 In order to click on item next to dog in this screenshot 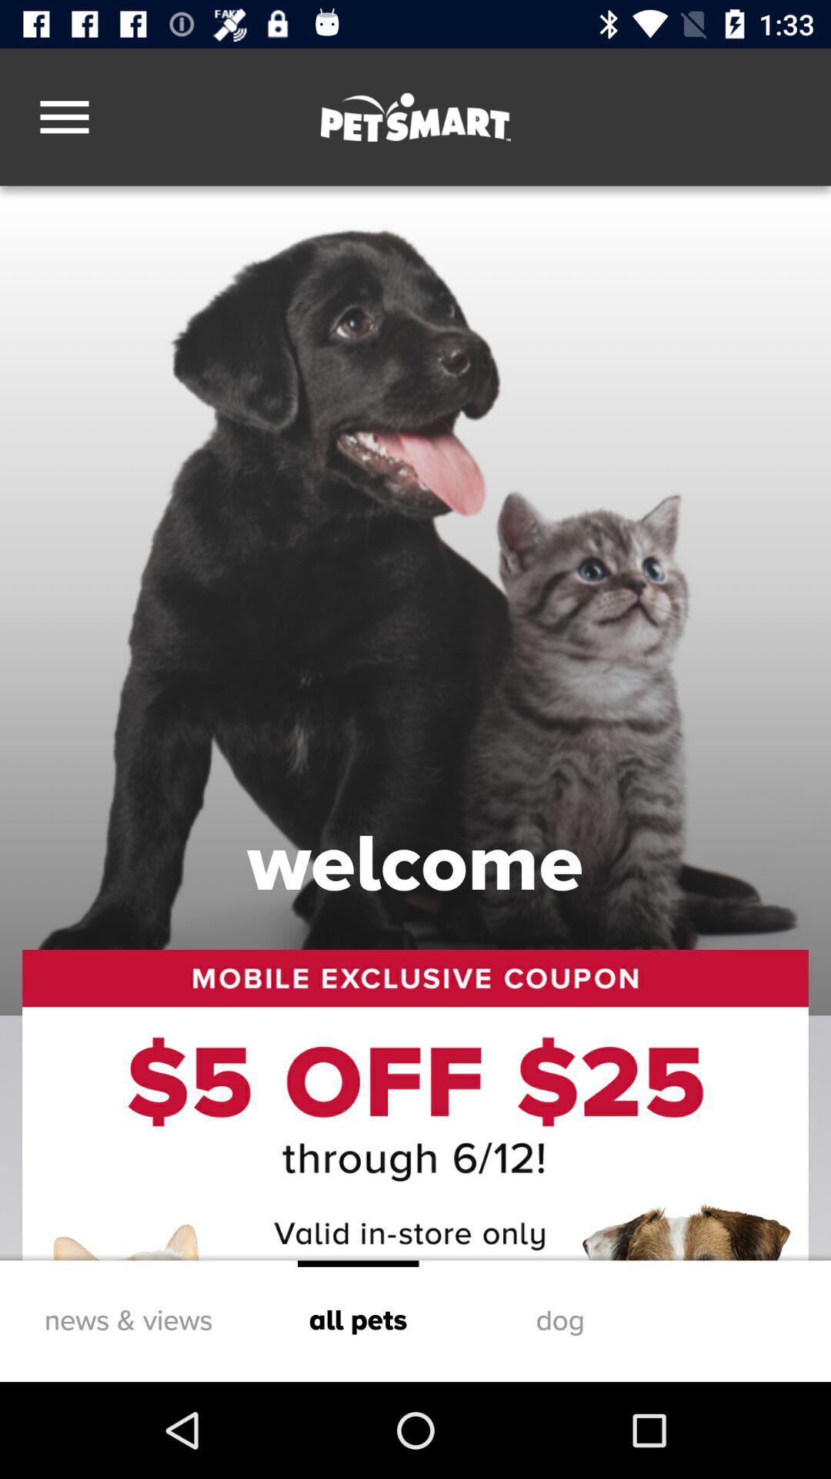, I will do `click(358, 1320)`.